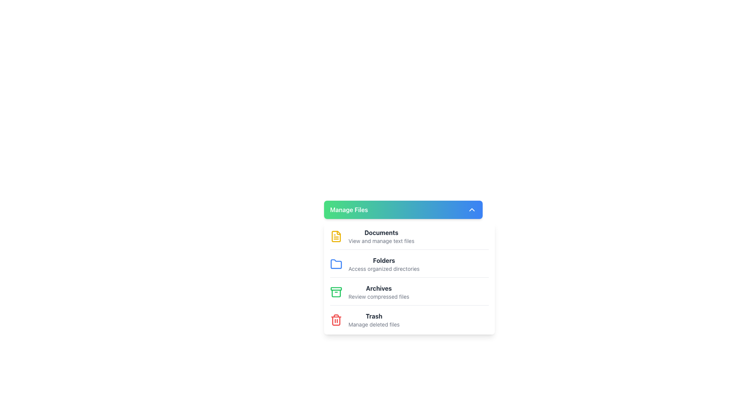 The image size is (732, 412). What do you see at coordinates (336, 263) in the screenshot?
I see `the folder icon within the 'Folders' menu item, which is located directly below 'Documents' and above 'Archives'` at bounding box center [336, 263].